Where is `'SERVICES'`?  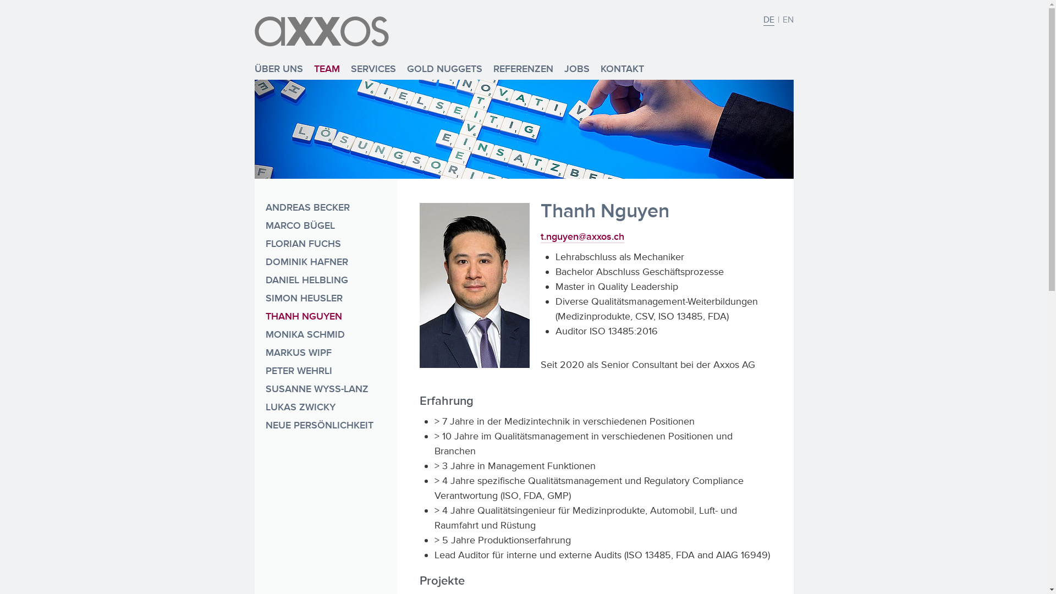
'SERVICES' is located at coordinates (373, 68).